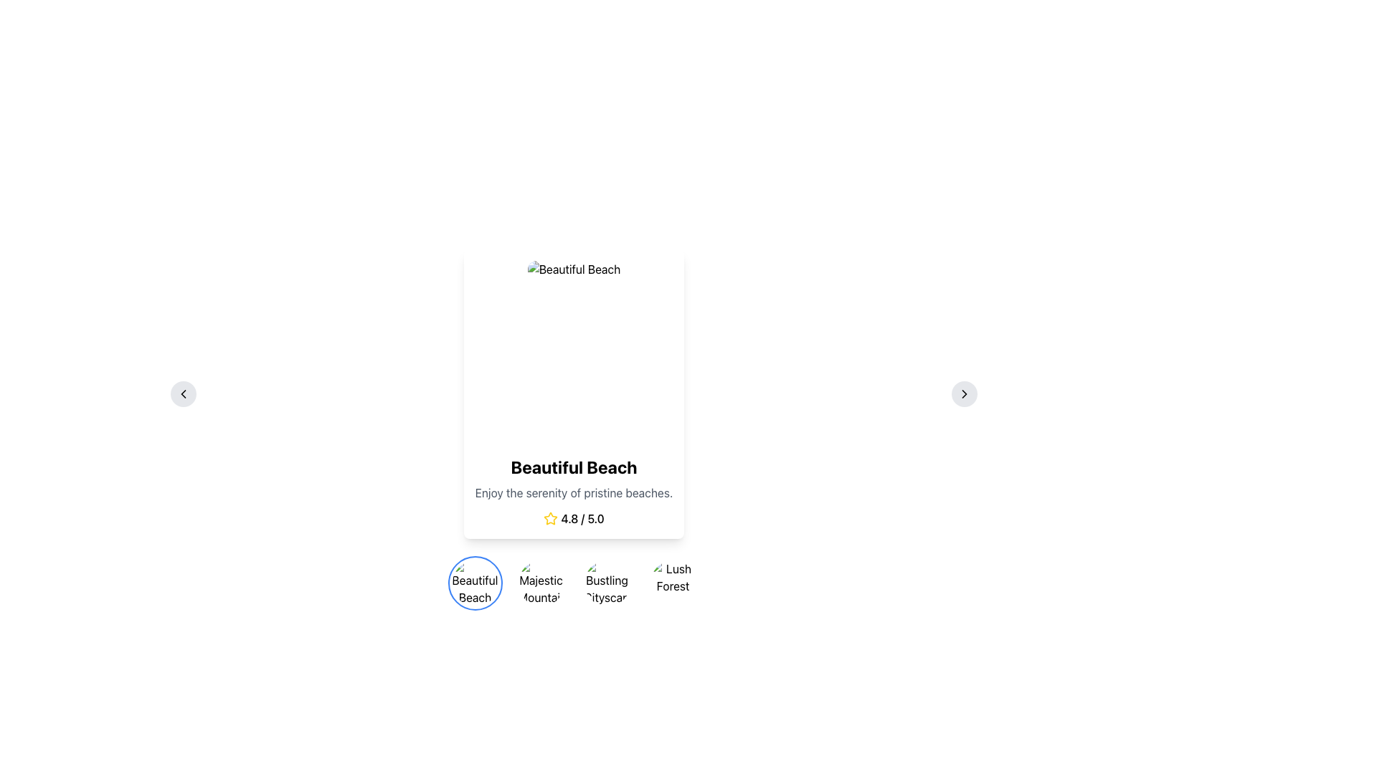 The height and width of the screenshot is (774, 1377). Describe the element at coordinates (574, 353) in the screenshot. I see `the beach image element, which is located above the text 'Beautiful Beach' and 'Enjoy the serenity of pristine beaches.'` at that location.